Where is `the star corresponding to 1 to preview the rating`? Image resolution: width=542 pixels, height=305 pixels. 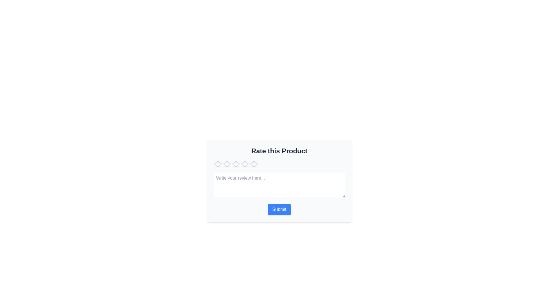 the star corresponding to 1 to preview the rating is located at coordinates (217, 164).